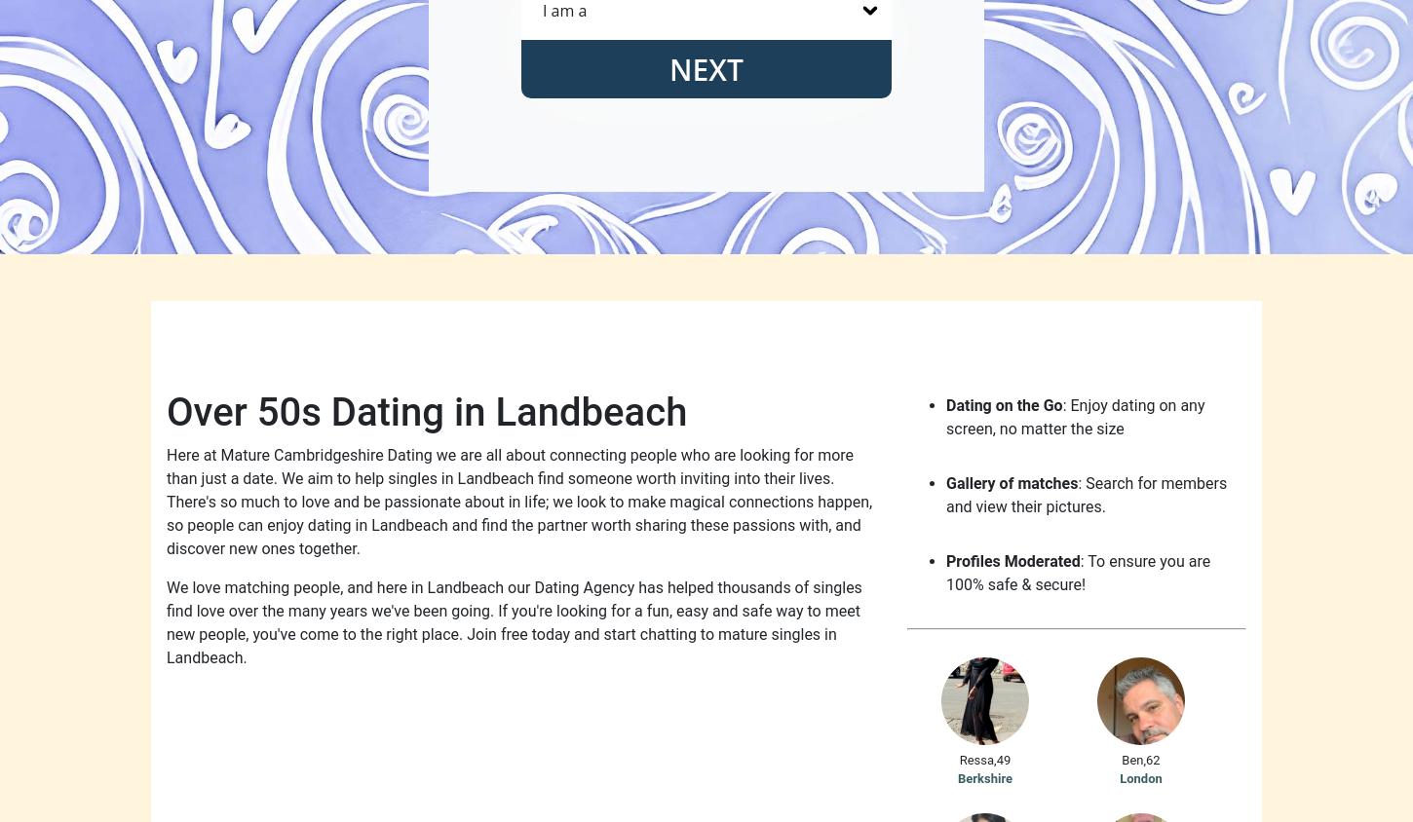 This screenshot has width=1413, height=822. What do you see at coordinates (946, 494) in the screenshot?
I see `': Search for members and view their pictures.'` at bounding box center [946, 494].